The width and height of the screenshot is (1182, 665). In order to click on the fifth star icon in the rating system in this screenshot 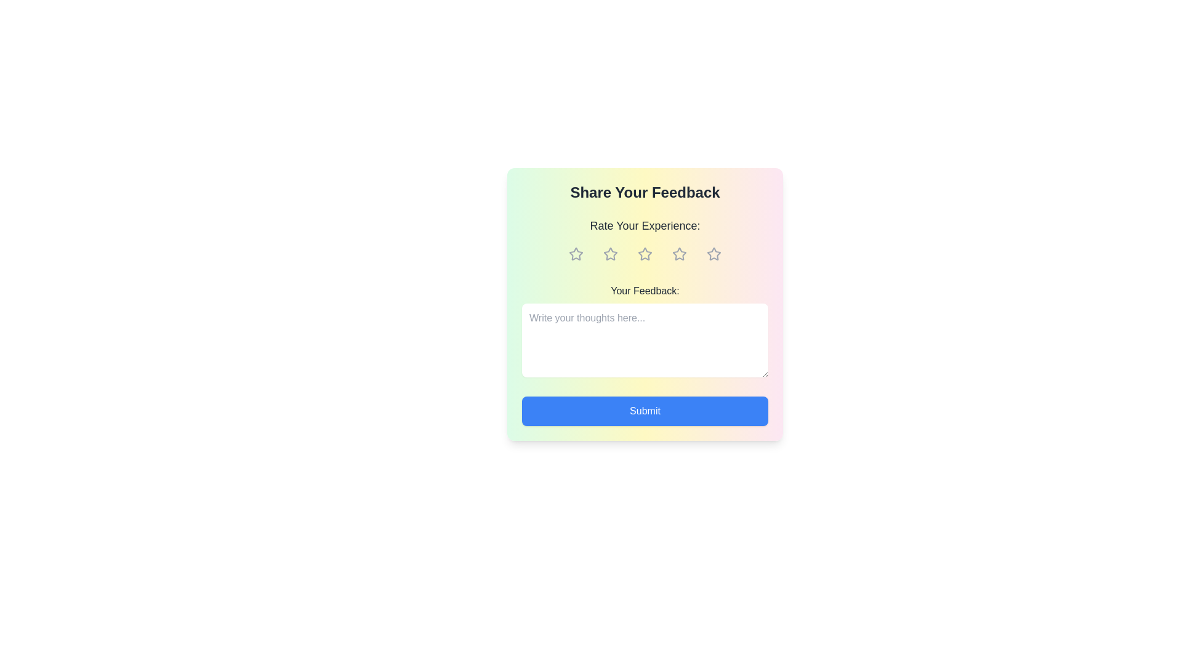, I will do `click(714, 253)`.